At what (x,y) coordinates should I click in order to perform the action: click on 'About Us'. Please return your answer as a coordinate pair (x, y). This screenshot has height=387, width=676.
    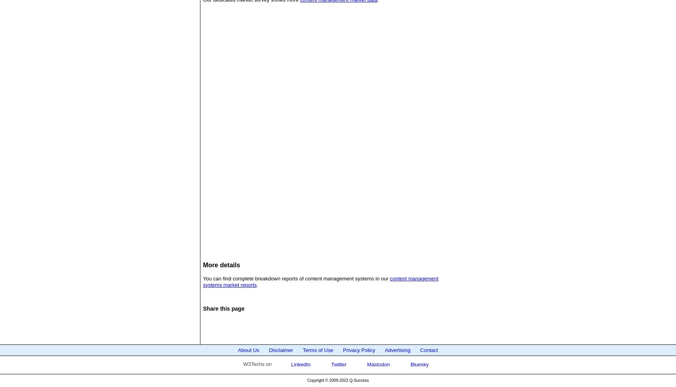
    Looking at the image, I should click on (248, 350).